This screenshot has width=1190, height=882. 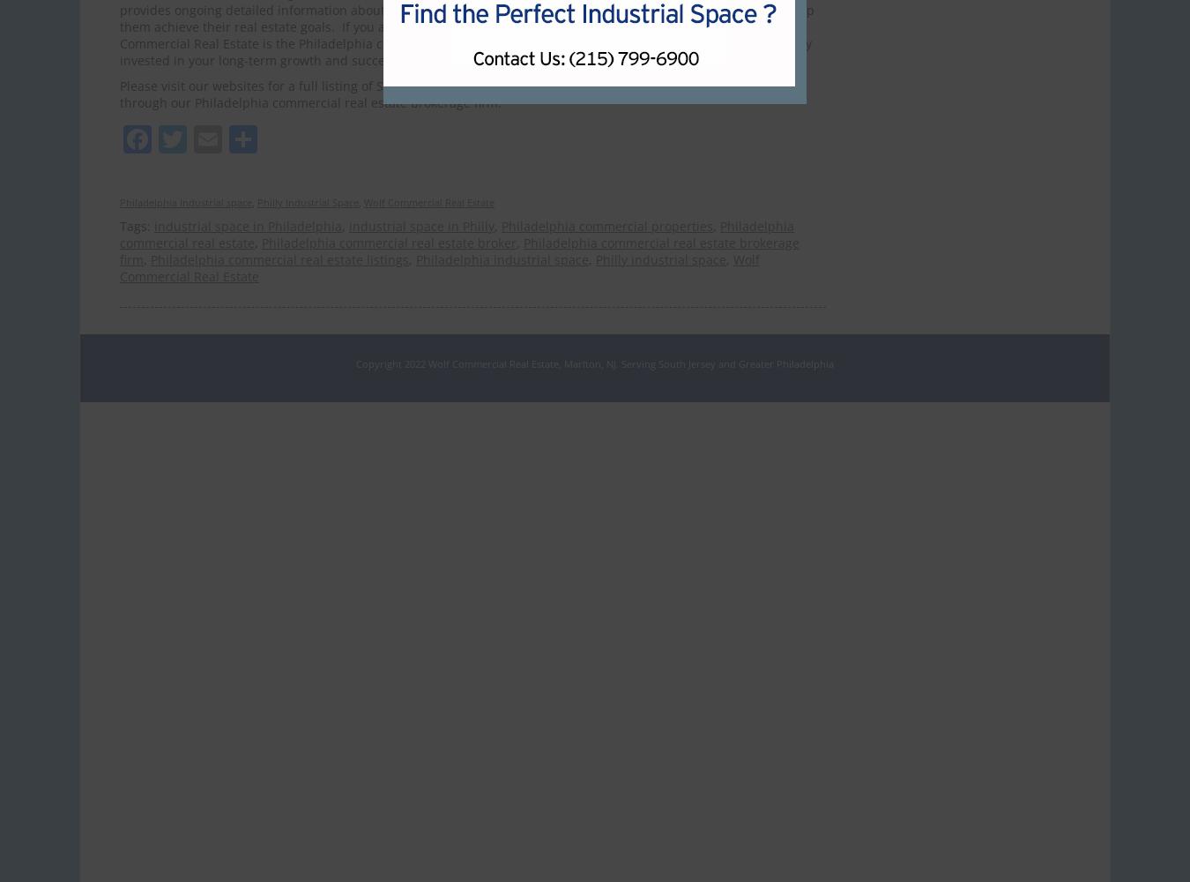 What do you see at coordinates (356, 363) in the screenshot?
I see `'Copyright 2022 Wolf Commercial Real Estate, Marlton, NJ. Serving South Jersey and Greater Philadelphia'` at bounding box center [356, 363].